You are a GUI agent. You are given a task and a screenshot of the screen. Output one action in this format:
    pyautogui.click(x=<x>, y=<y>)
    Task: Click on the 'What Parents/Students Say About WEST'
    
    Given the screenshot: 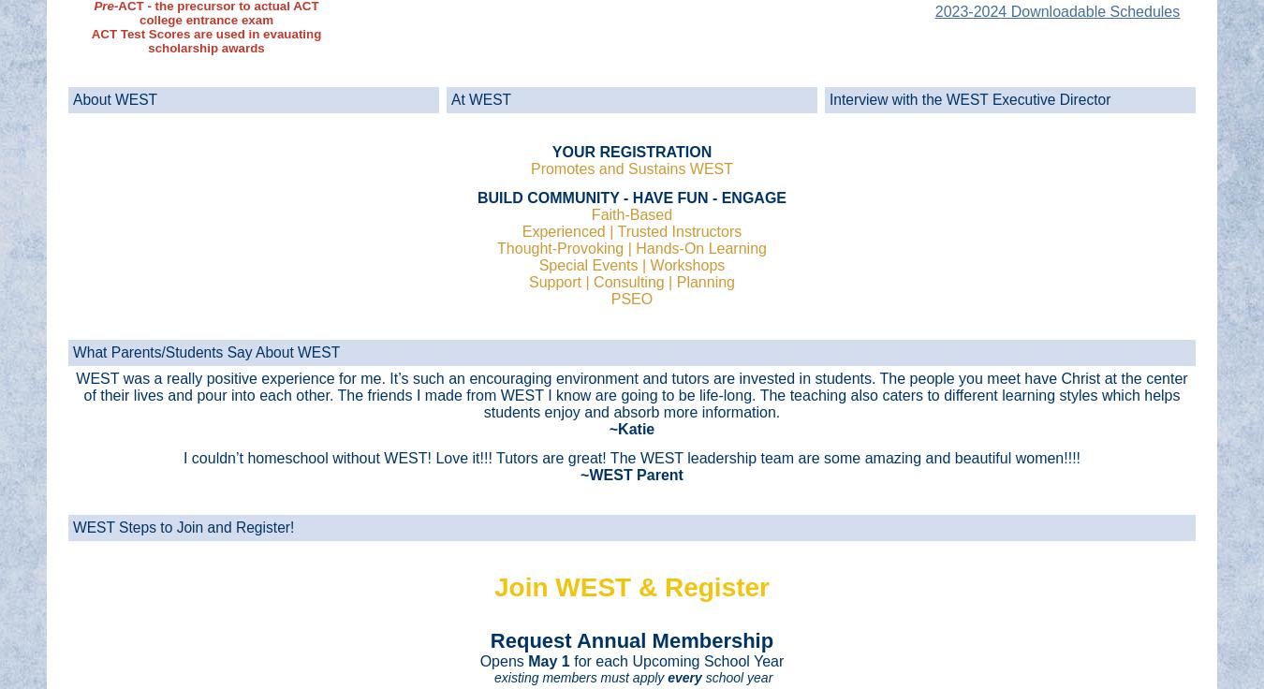 What is the action you would take?
    pyautogui.click(x=206, y=350)
    